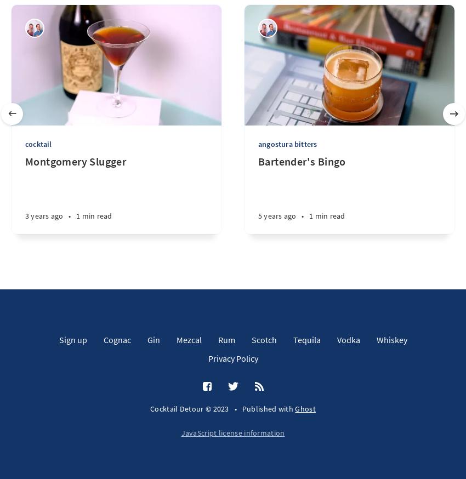  What do you see at coordinates (72, 338) in the screenshot?
I see `'Sign up'` at bounding box center [72, 338].